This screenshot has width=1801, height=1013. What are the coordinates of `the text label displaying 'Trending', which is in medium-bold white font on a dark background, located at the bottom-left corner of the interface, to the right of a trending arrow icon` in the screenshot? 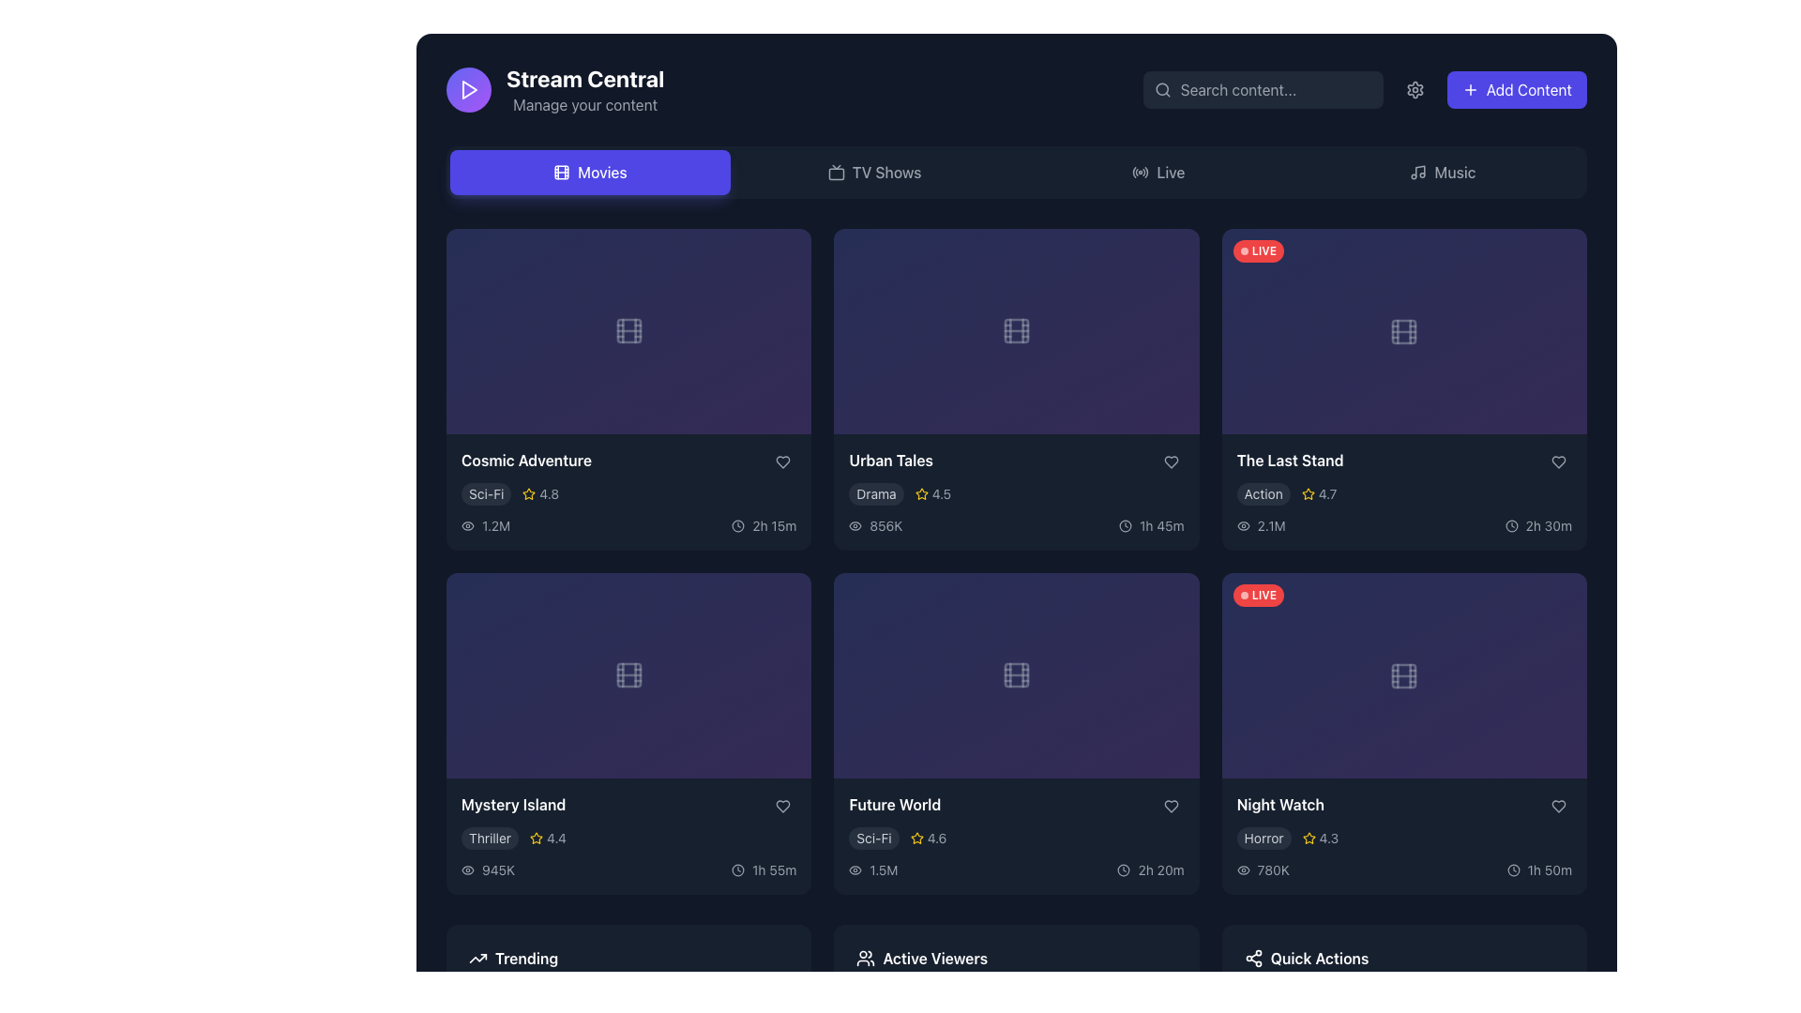 It's located at (525, 959).